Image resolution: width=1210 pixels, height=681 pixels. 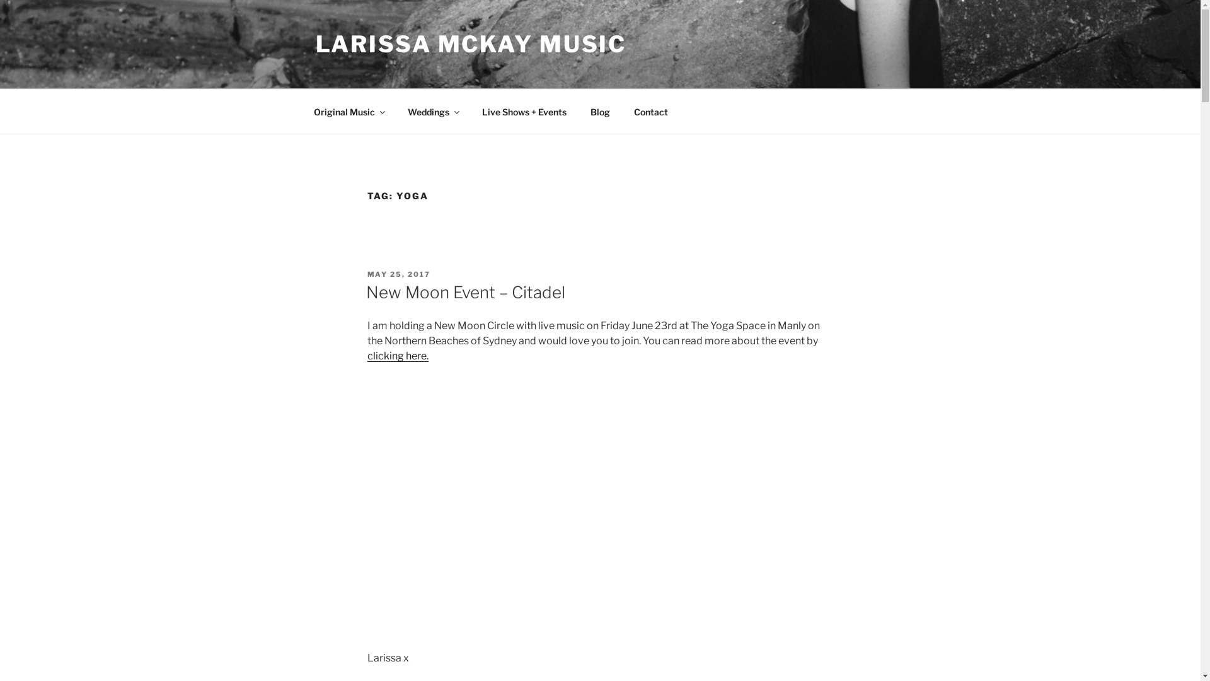 What do you see at coordinates (433, 110) in the screenshot?
I see `'Weddings'` at bounding box center [433, 110].